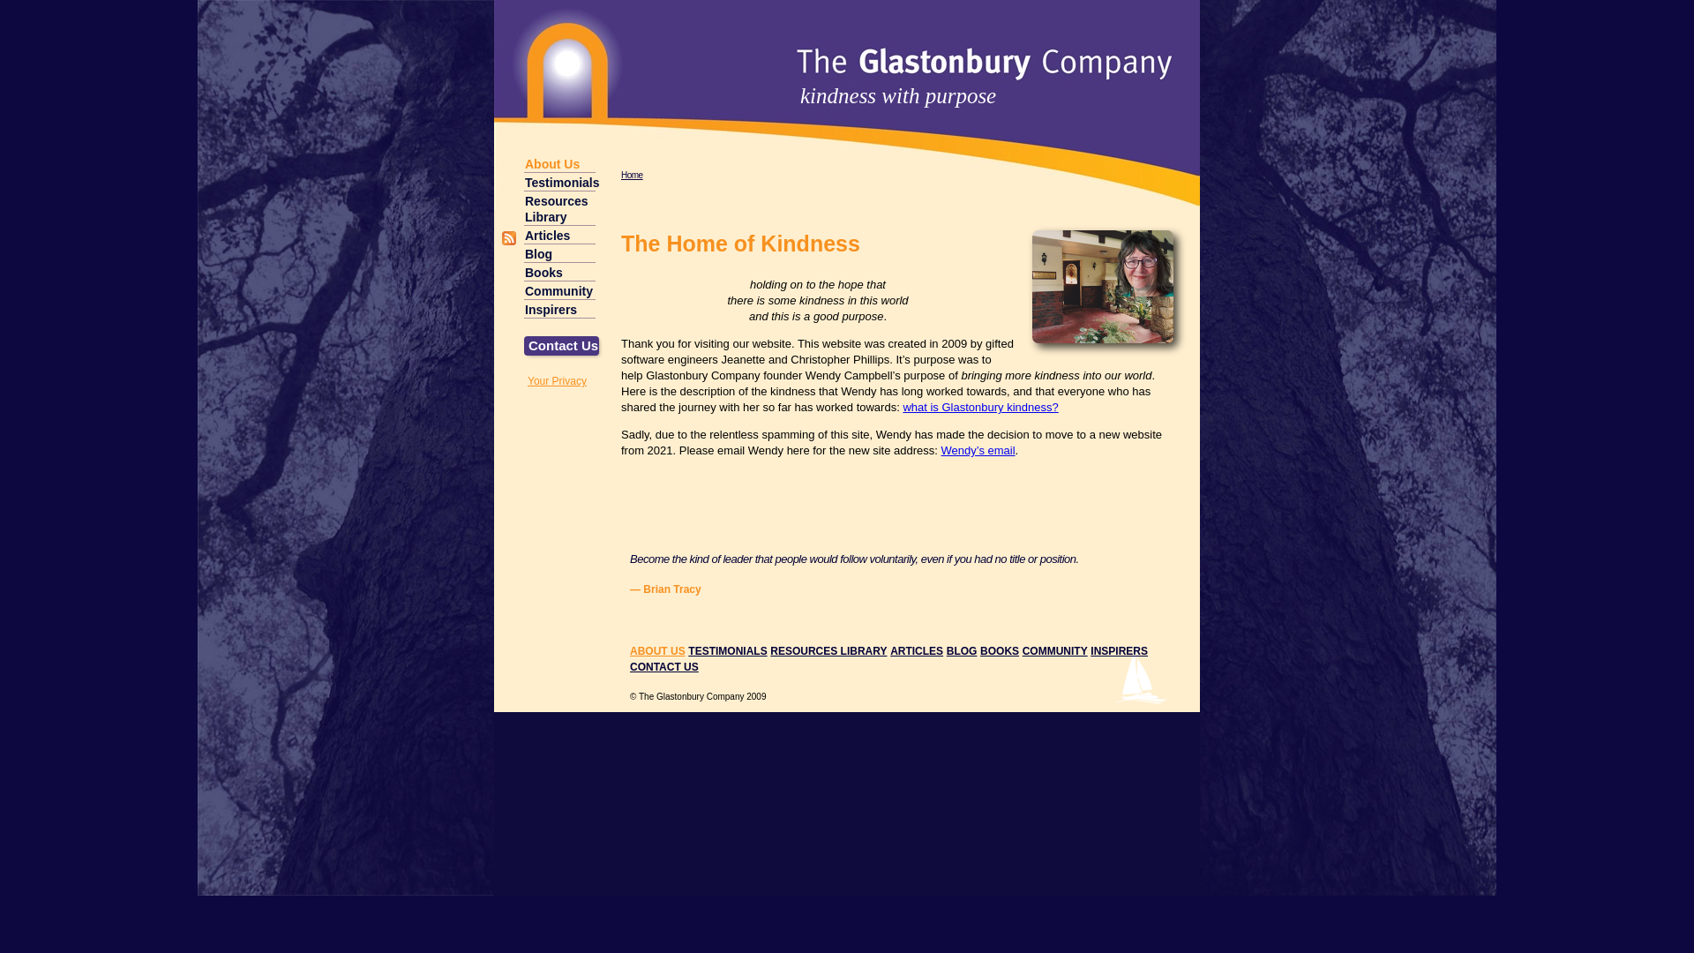 The height and width of the screenshot is (953, 1694). I want to click on 'INSPIRERS', so click(1118, 650).